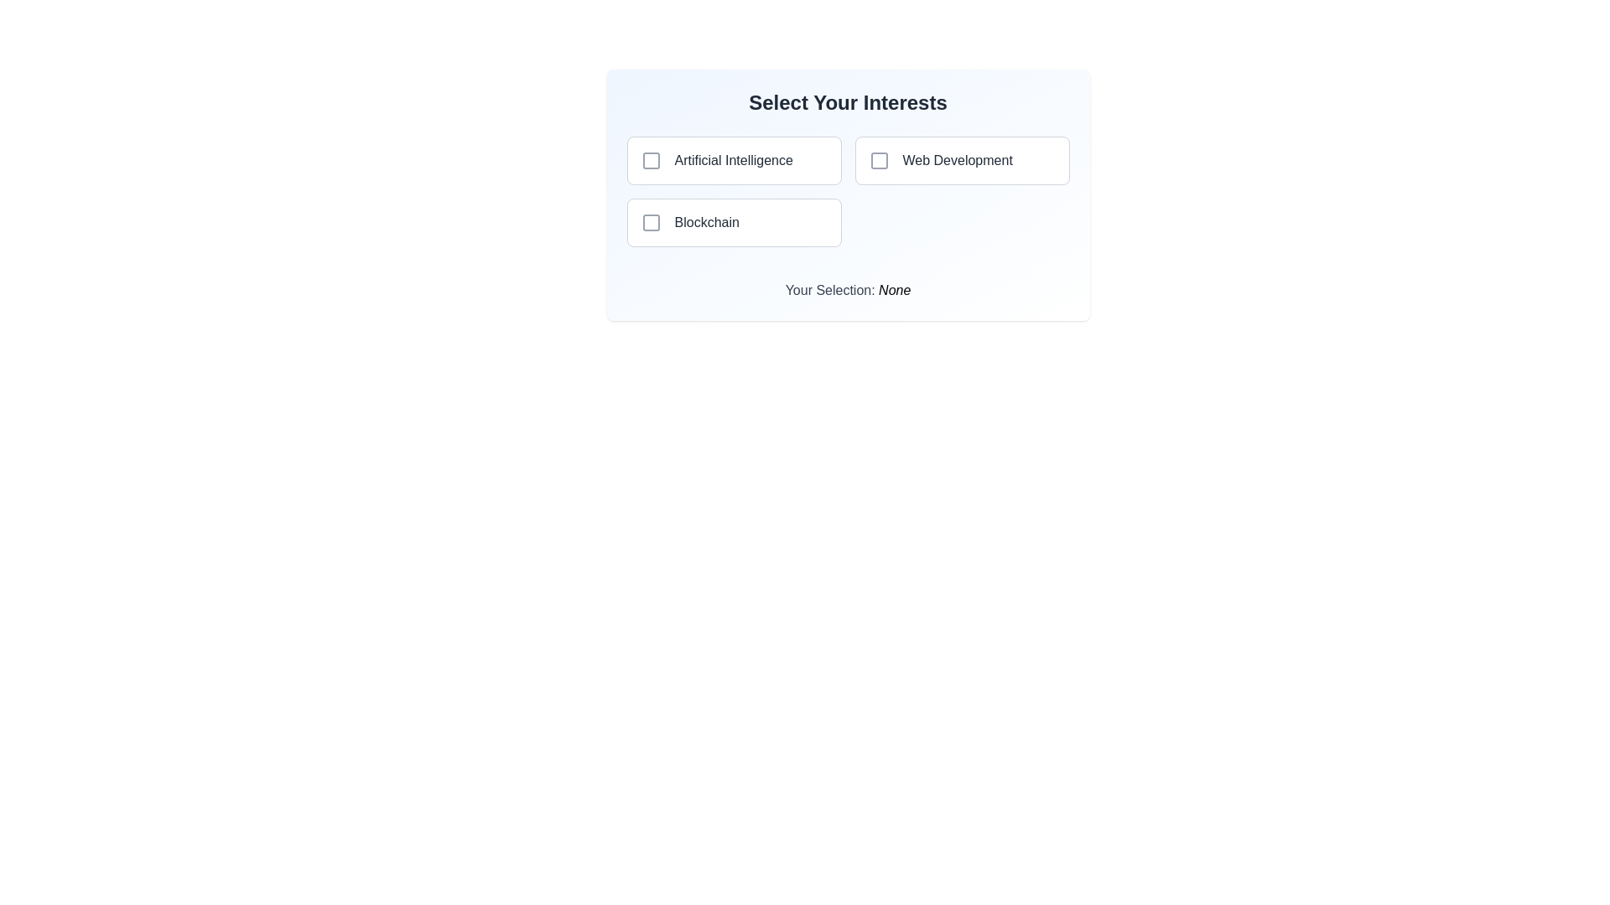 The height and width of the screenshot is (905, 1610). I want to click on the checkbox icon located to the left of the 'Web Development' label, so click(878, 161).